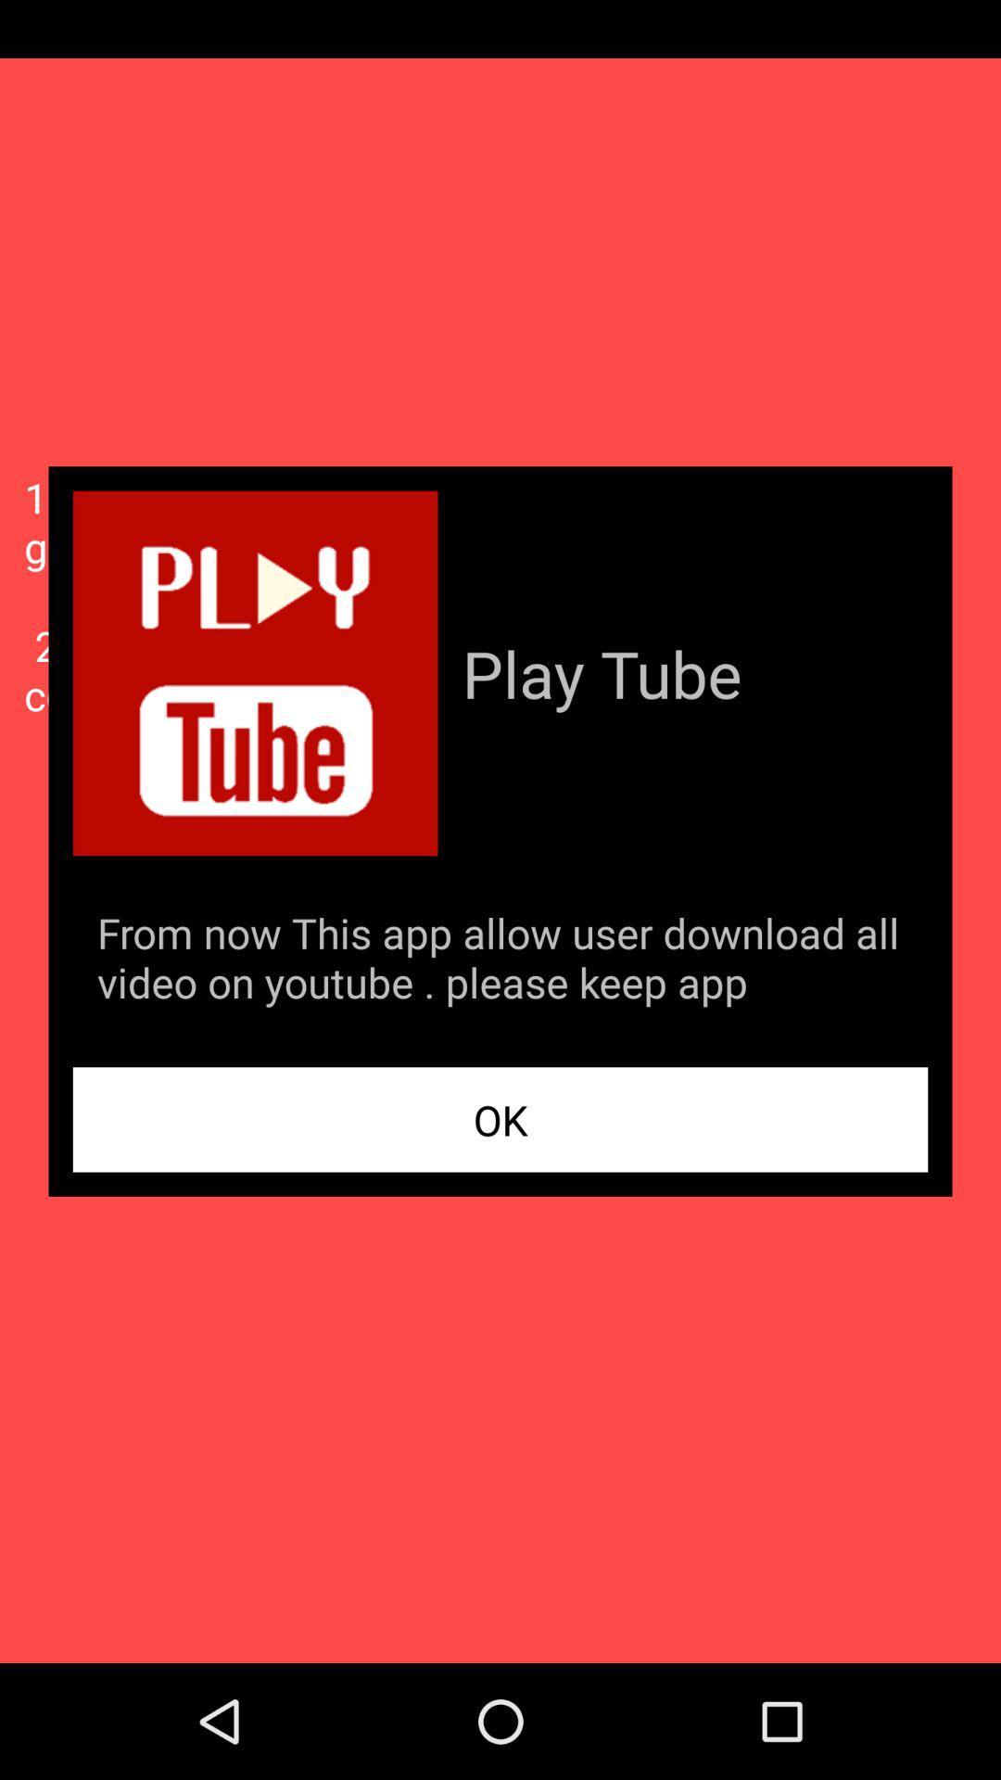  Describe the element at coordinates (500, 1118) in the screenshot. I see `the ok icon` at that location.